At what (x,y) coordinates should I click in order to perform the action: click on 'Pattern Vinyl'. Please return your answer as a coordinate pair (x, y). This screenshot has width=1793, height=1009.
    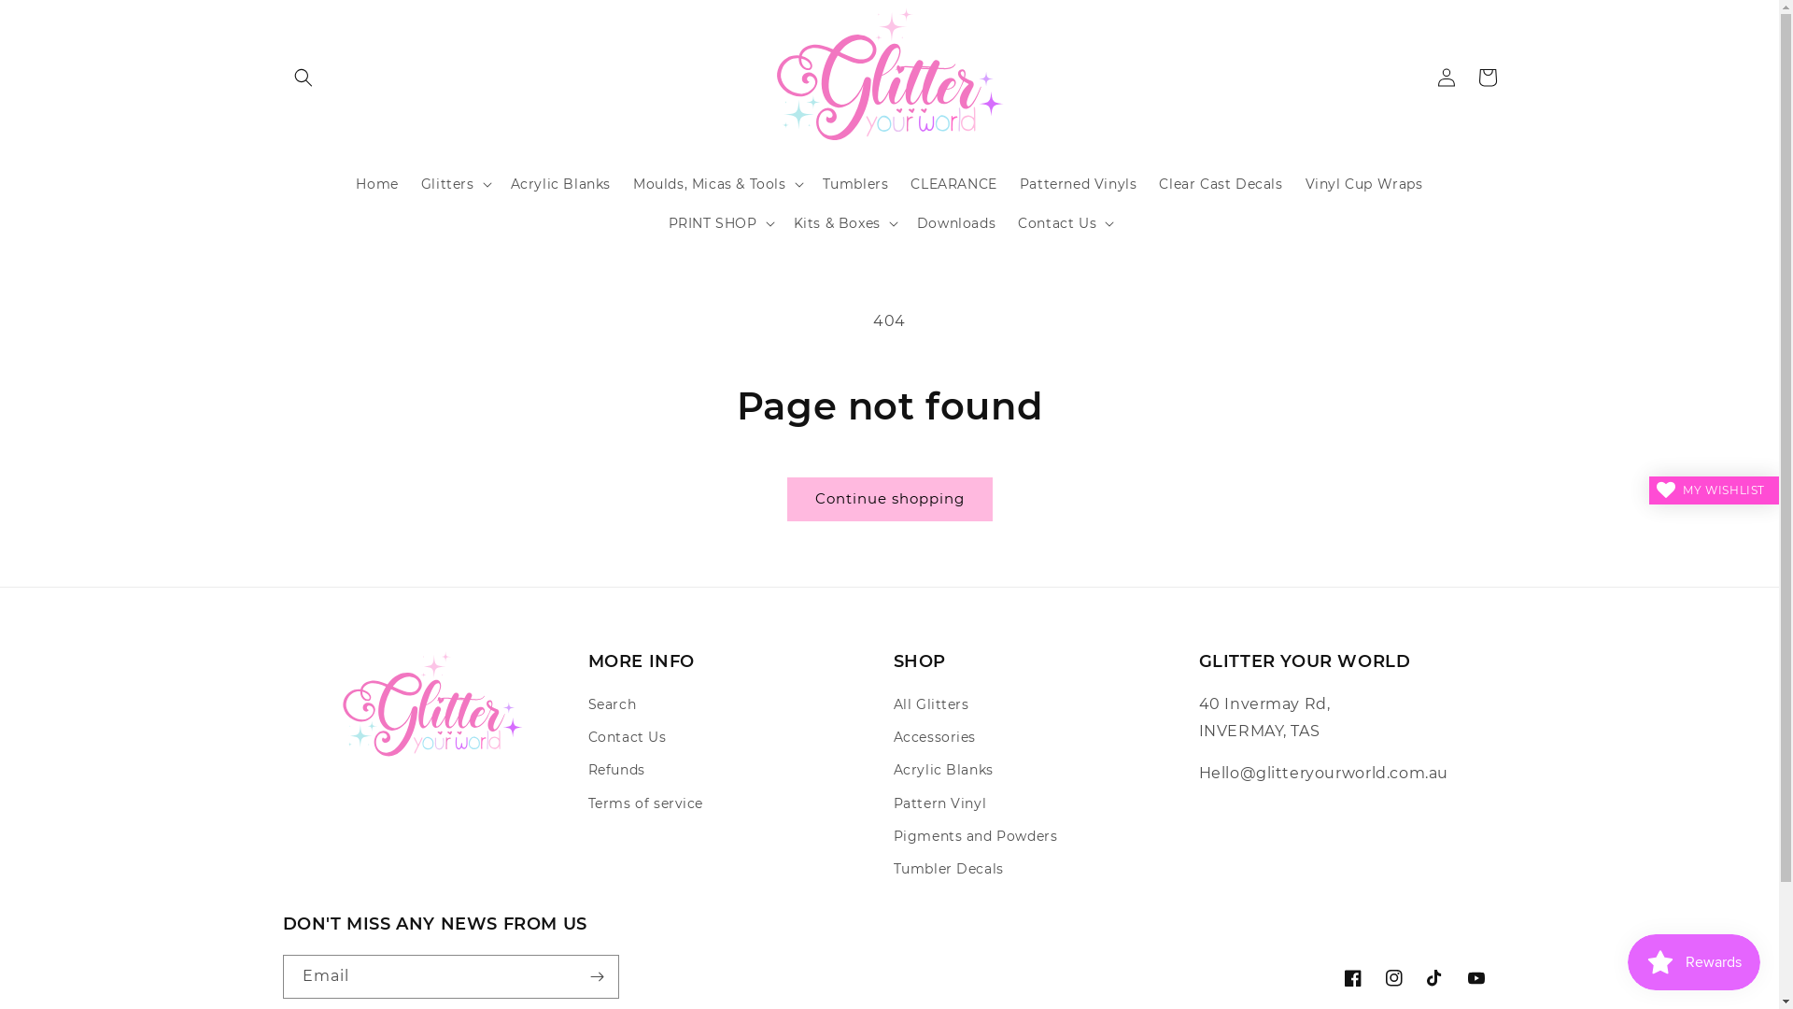
    Looking at the image, I should click on (939, 803).